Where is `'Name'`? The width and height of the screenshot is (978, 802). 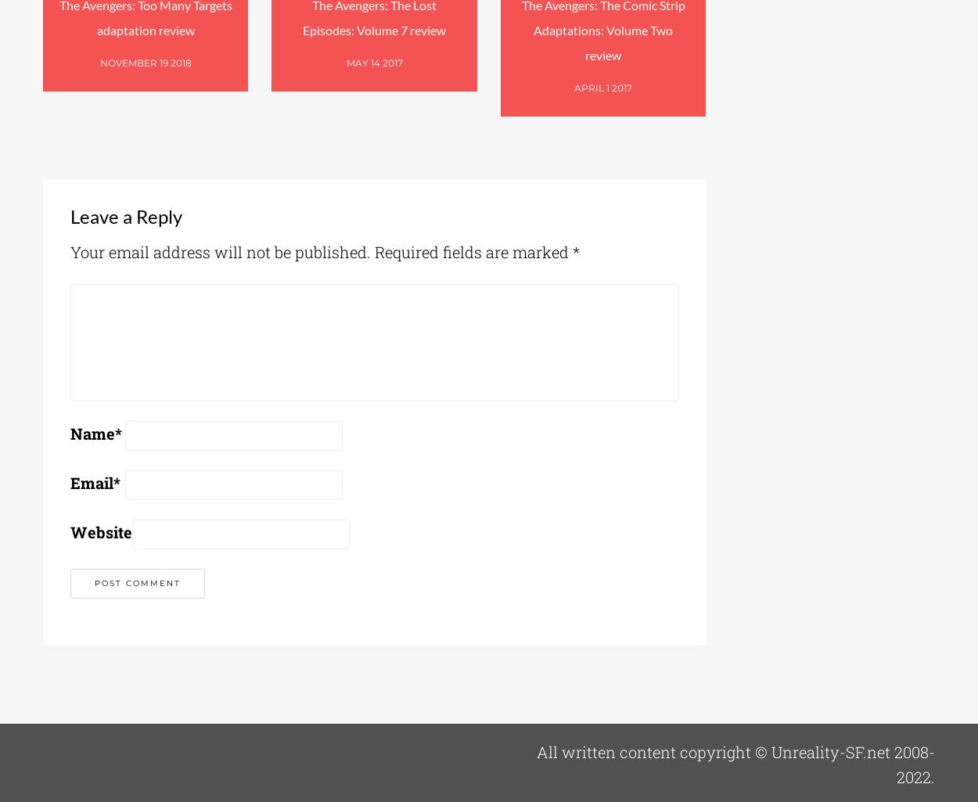 'Name' is located at coordinates (92, 431).